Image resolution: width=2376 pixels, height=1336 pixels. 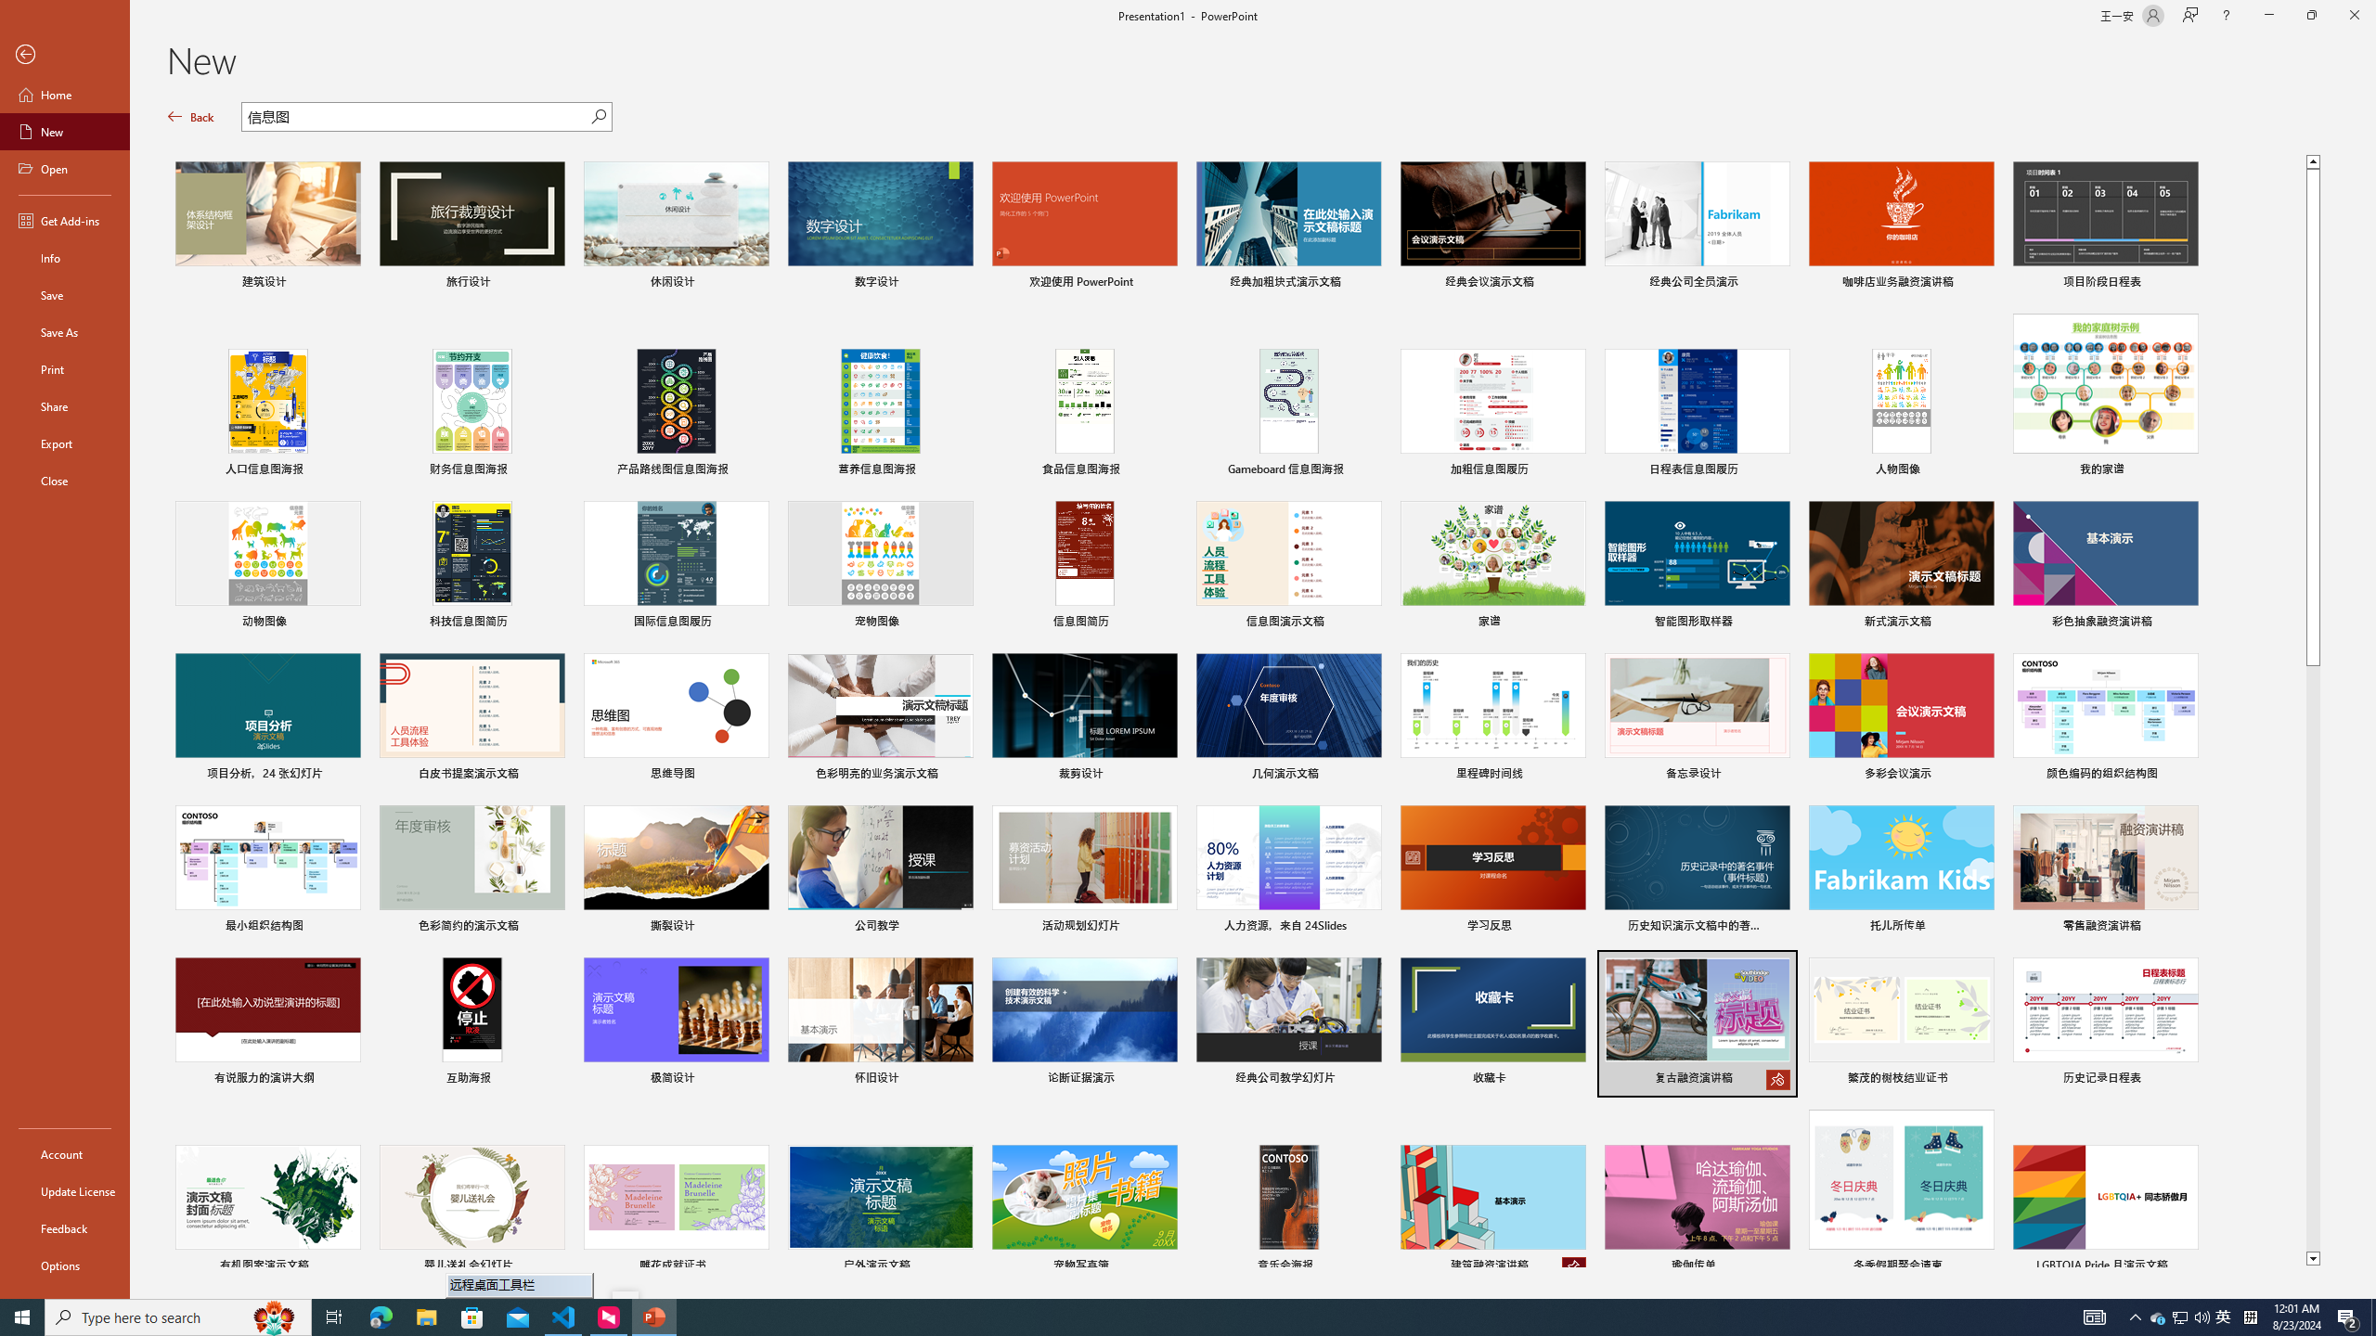 What do you see at coordinates (2186, 1265) in the screenshot?
I see `'Pin to list'` at bounding box center [2186, 1265].